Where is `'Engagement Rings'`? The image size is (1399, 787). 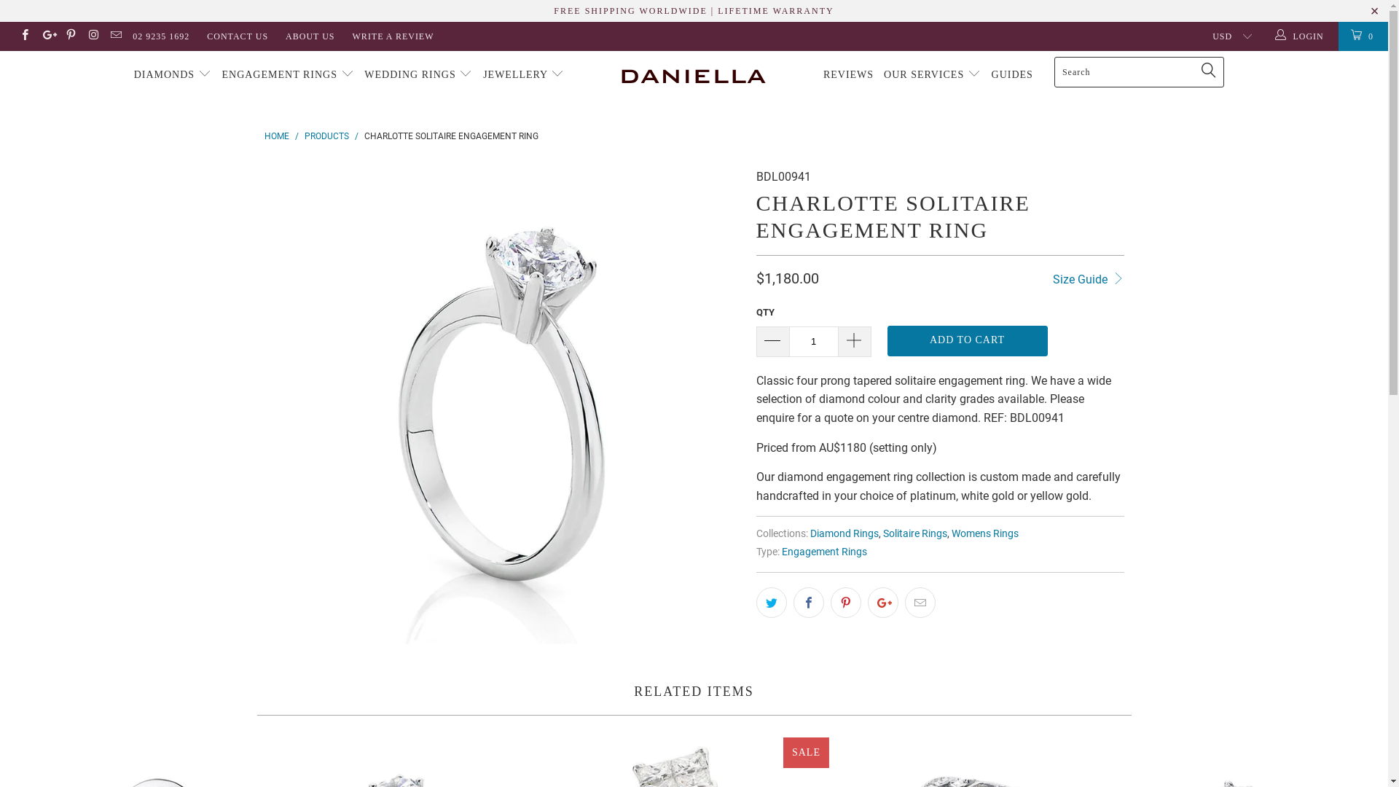 'Engagement Rings' is located at coordinates (780, 552).